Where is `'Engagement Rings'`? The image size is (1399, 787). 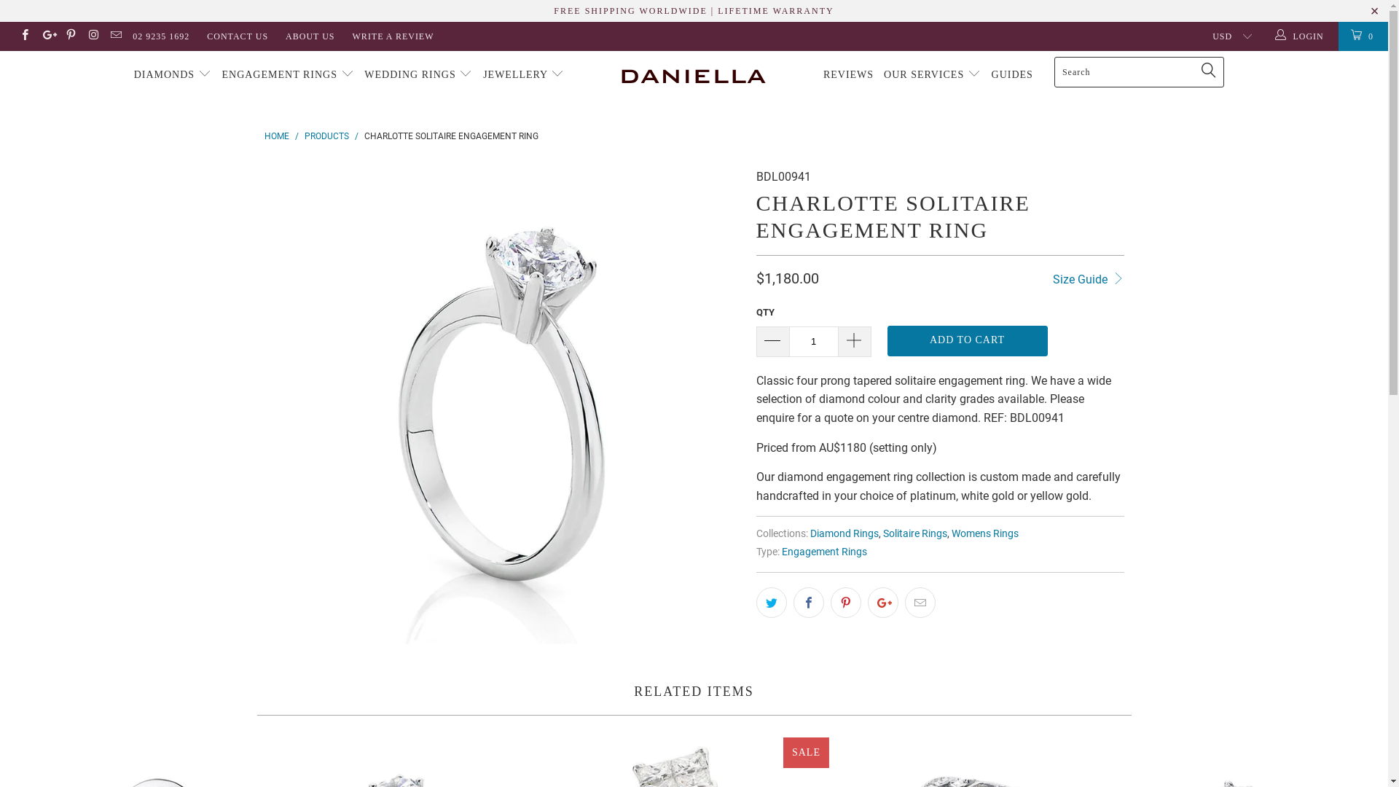 'Engagement Rings' is located at coordinates (780, 552).